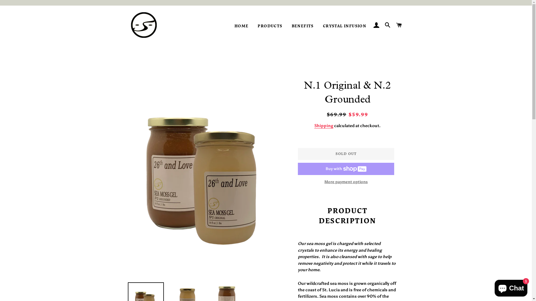  What do you see at coordinates (230, 26) in the screenshot?
I see `'HOME'` at bounding box center [230, 26].